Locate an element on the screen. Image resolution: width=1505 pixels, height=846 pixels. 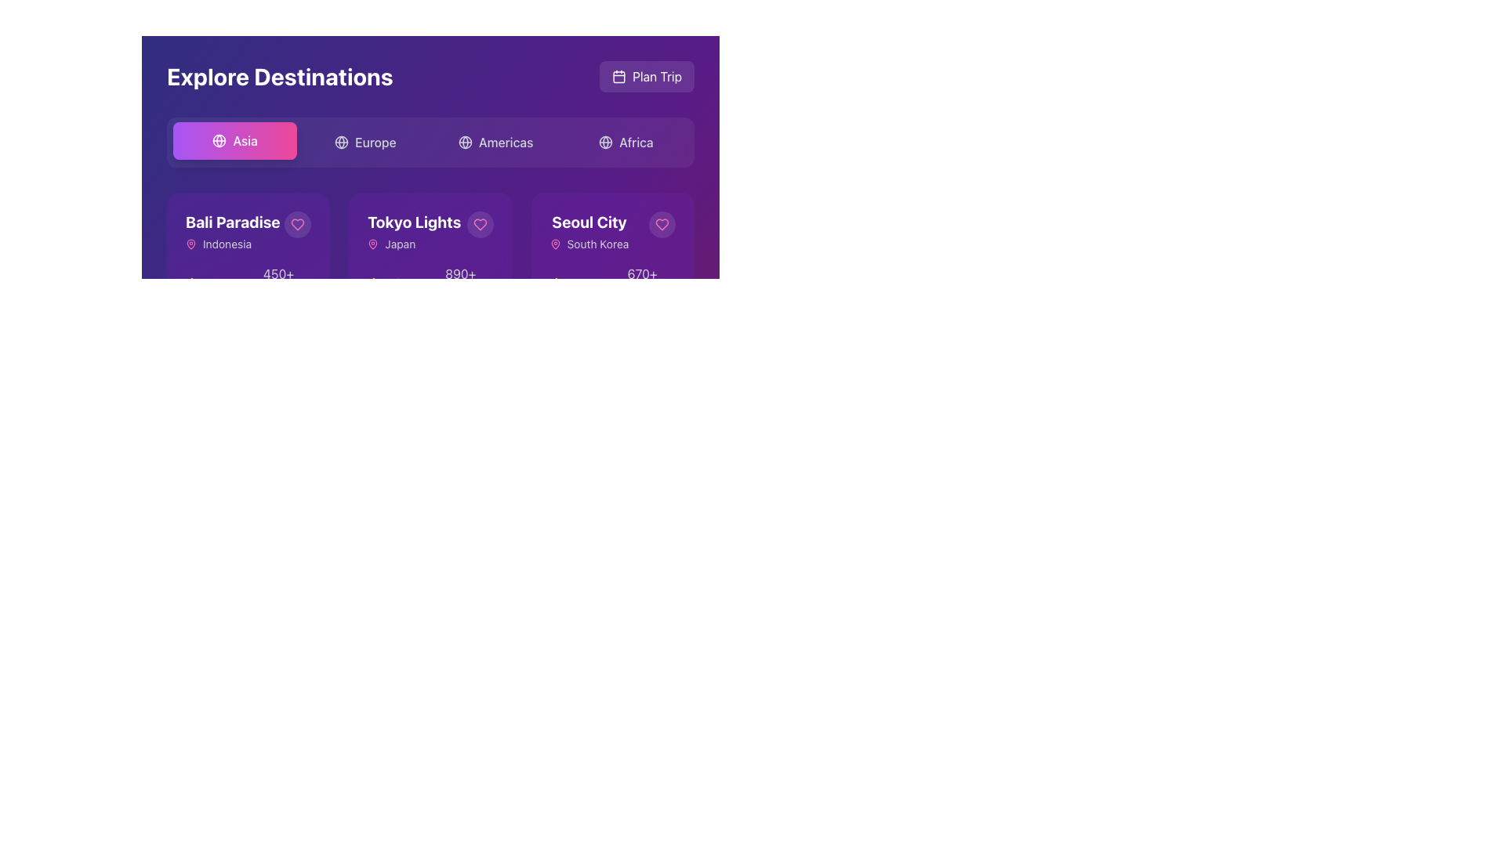
the purple rounded rectangle background of the calendar icon located within the 'Plan Trip' button at the top-right corner of the interface is located at coordinates (618, 77).